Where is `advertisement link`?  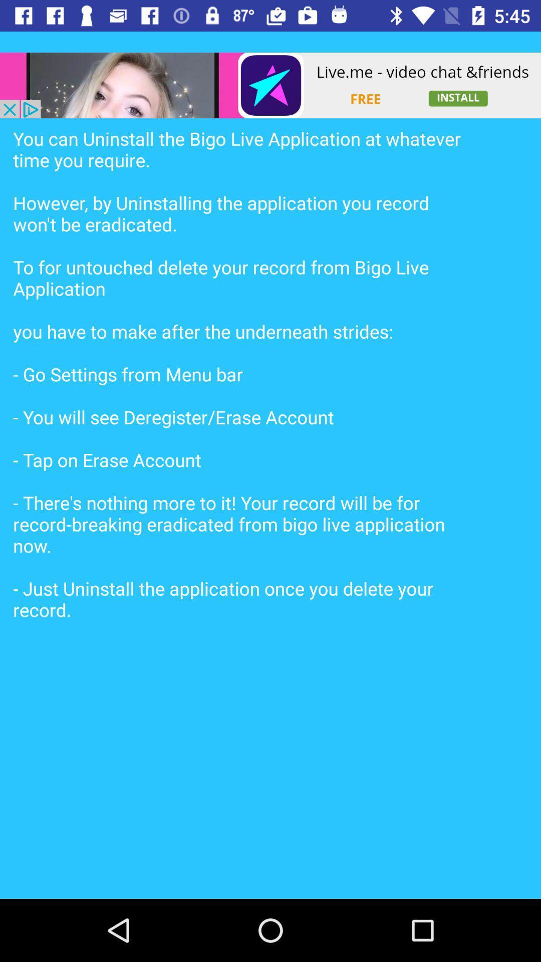
advertisement link is located at coordinates (270, 85).